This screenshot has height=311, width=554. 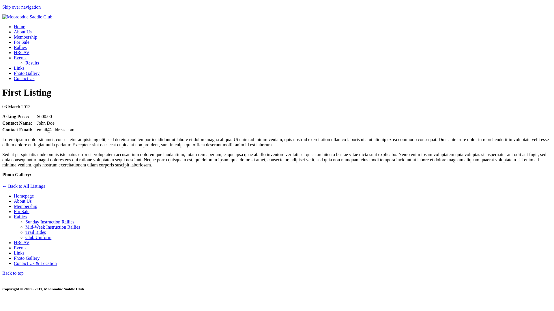 What do you see at coordinates (13, 273) in the screenshot?
I see `'Back to top'` at bounding box center [13, 273].